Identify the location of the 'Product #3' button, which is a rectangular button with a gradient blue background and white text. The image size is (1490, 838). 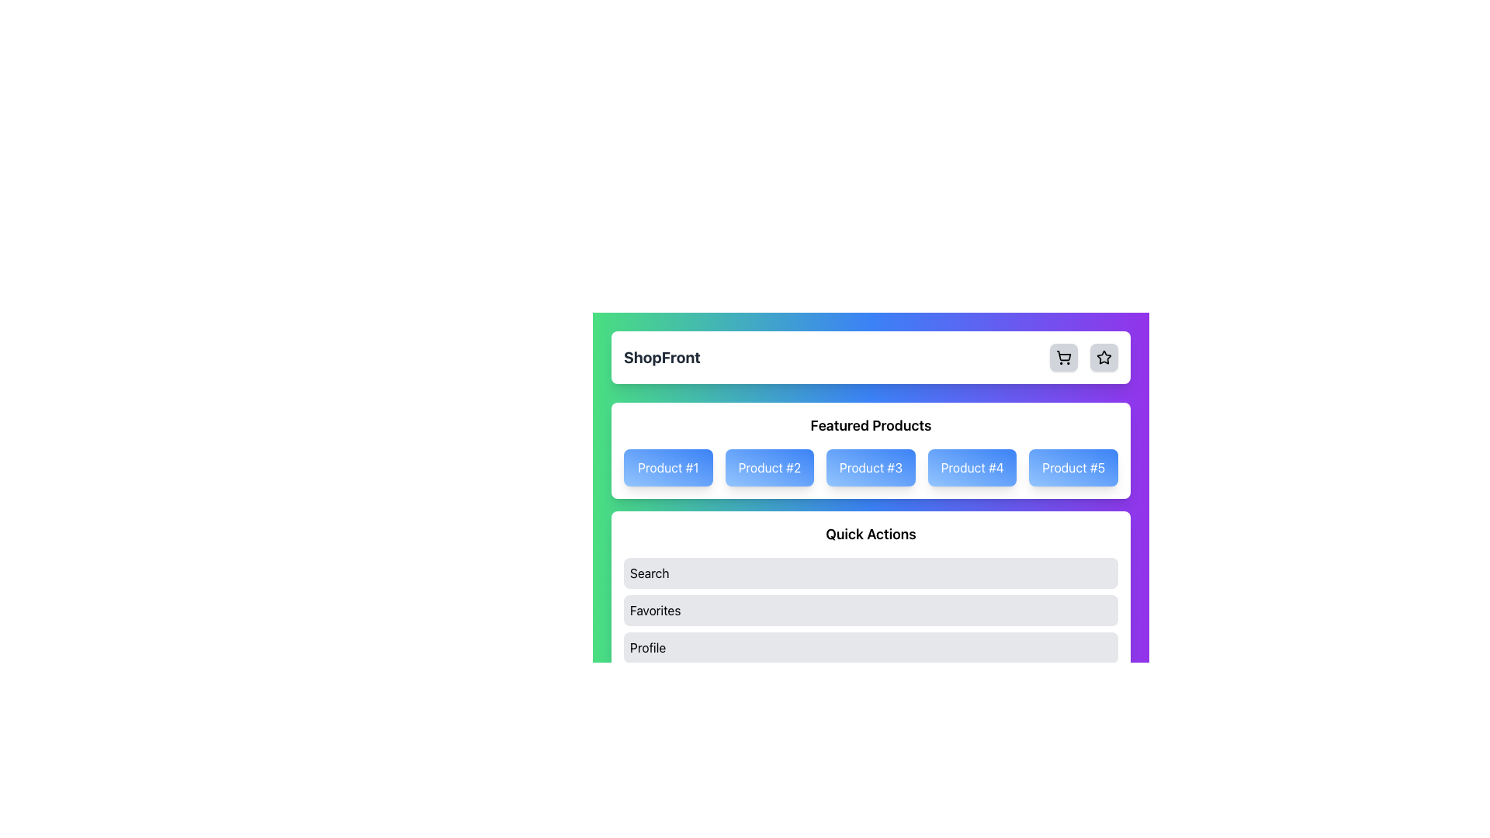
(871, 466).